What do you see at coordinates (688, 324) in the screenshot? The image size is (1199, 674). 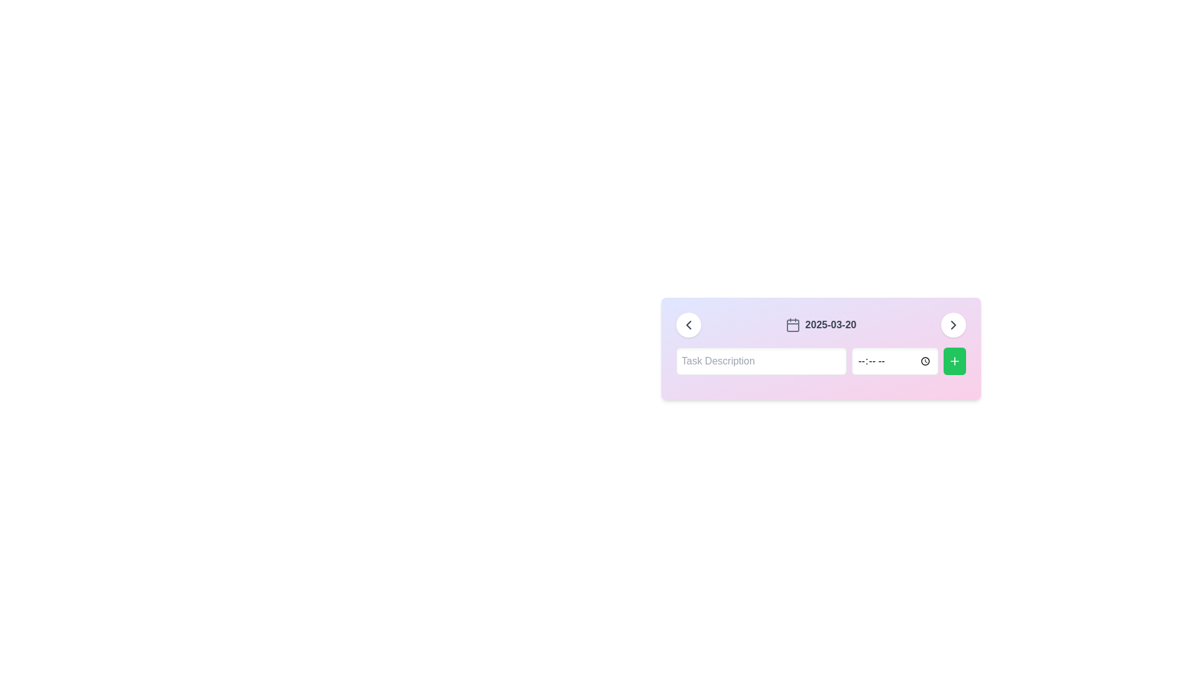 I see `the left-pointing chevron icon located at the leftmost side of the task input panel` at bounding box center [688, 324].